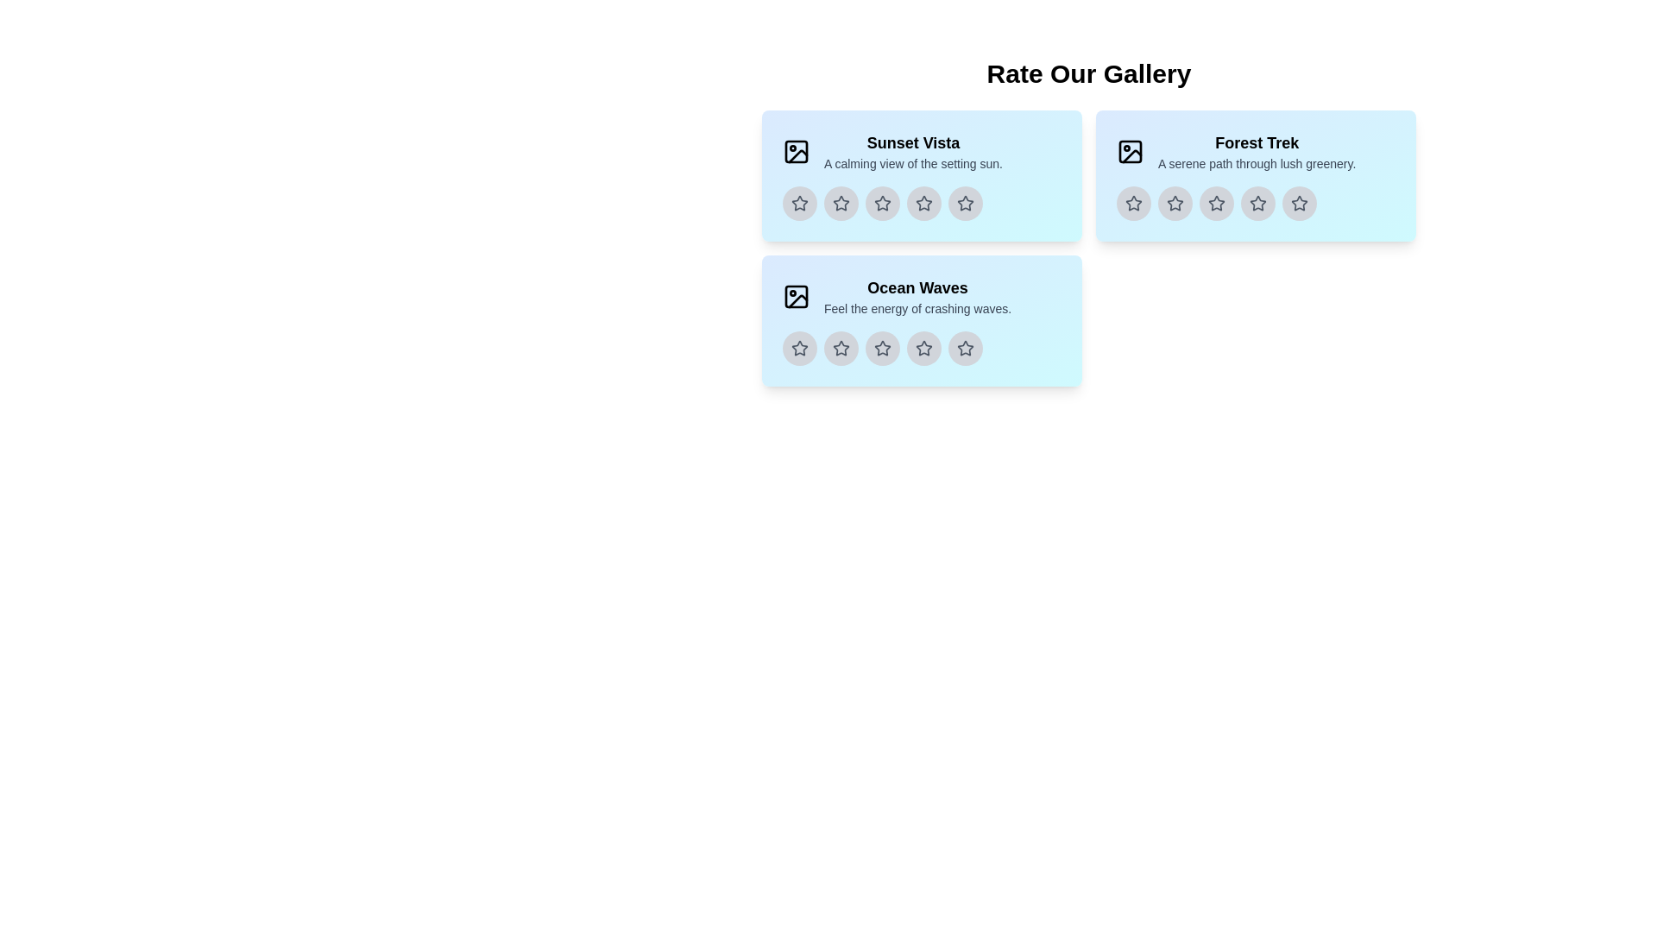 The height and width of the screenshot is (932, 1657). What do you see at coordinates (795, 295) in the screenshot?
I see `the icon with a mountain-like shape located to the left of the 'Ocean Waves' text within the 'Ocean Waves' card` at bounding box center [795, 295].